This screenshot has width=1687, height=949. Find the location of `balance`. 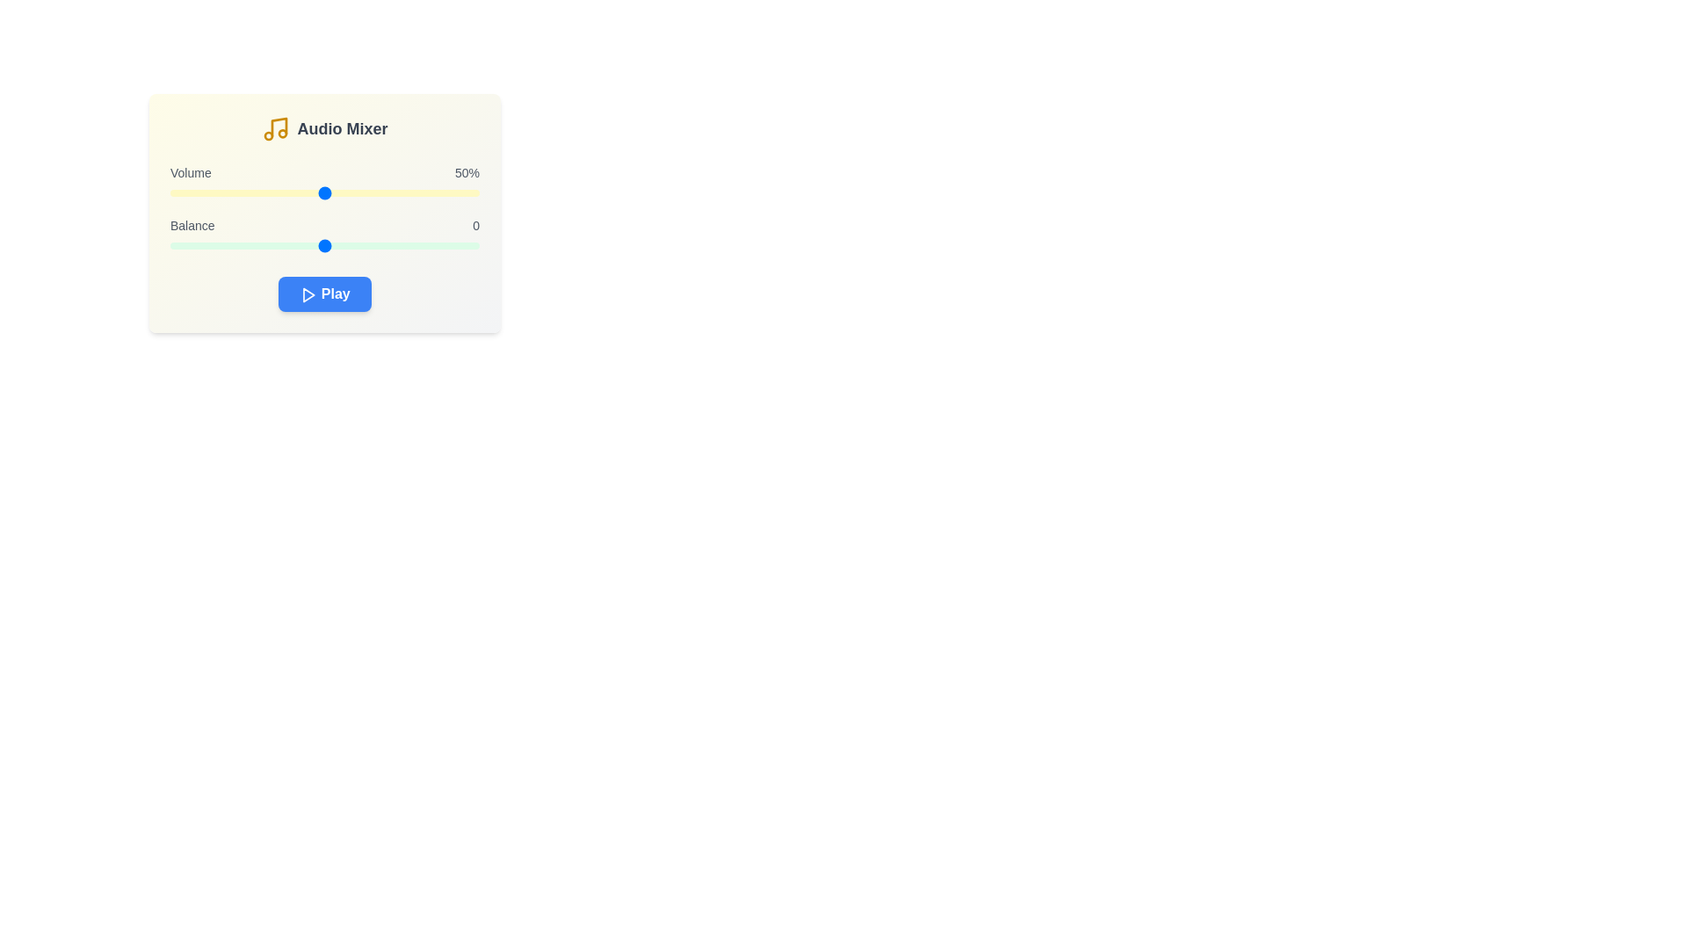

balance is located at coordinates (439, 246).